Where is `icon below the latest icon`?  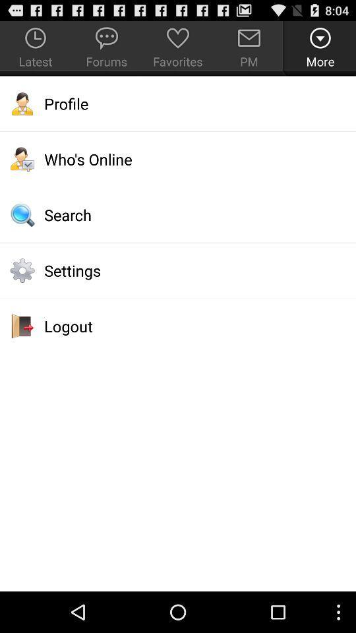 icon below the latest icon is located at coordinates (178, 103).